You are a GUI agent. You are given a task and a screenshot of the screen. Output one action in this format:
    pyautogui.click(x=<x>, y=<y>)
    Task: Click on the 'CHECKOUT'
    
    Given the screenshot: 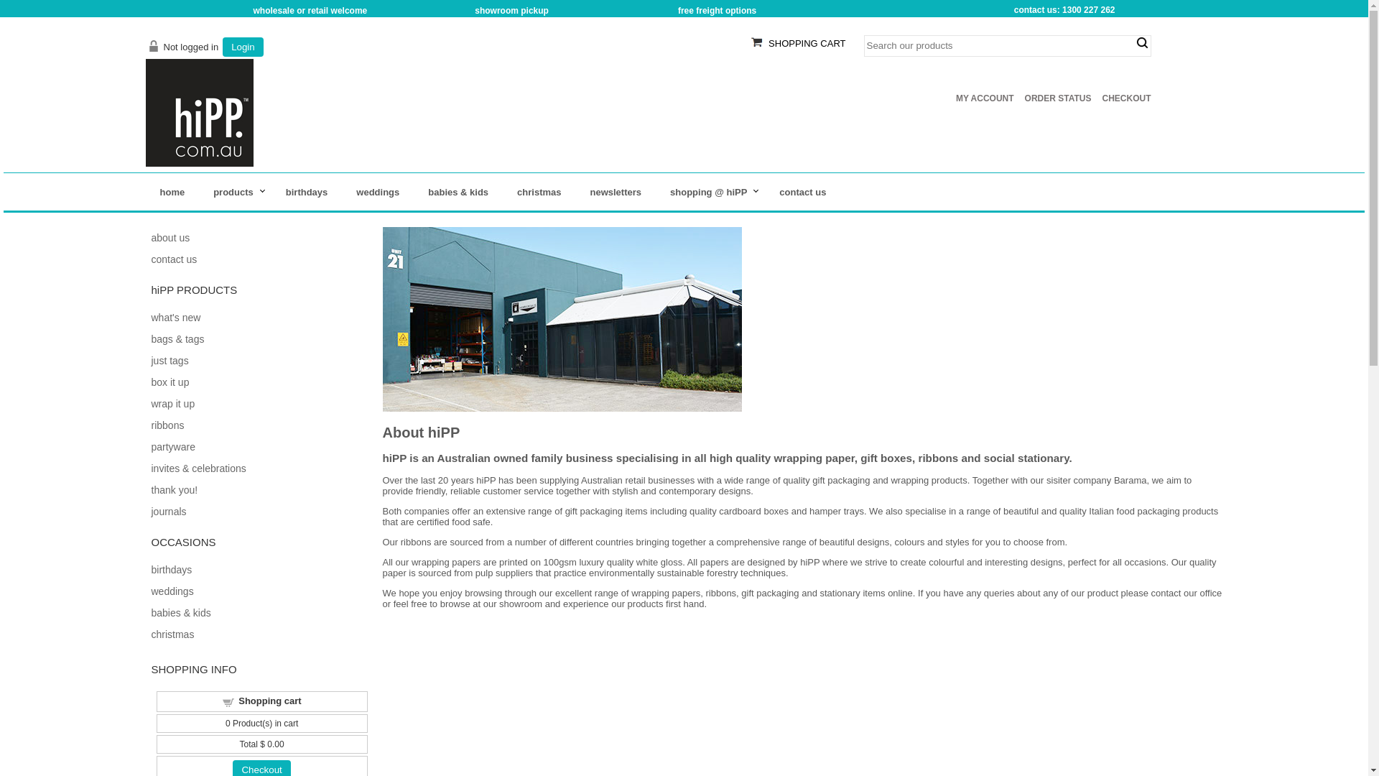 What is the action you would take?
    pyautogui.click(x=1125, y=98)
    